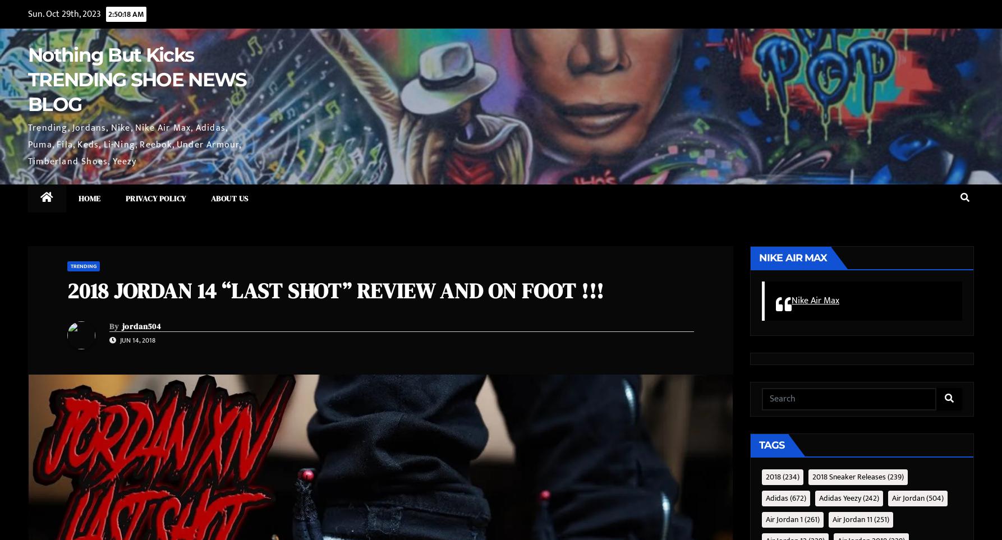  I want to click on '(251)', so click(881, 519).